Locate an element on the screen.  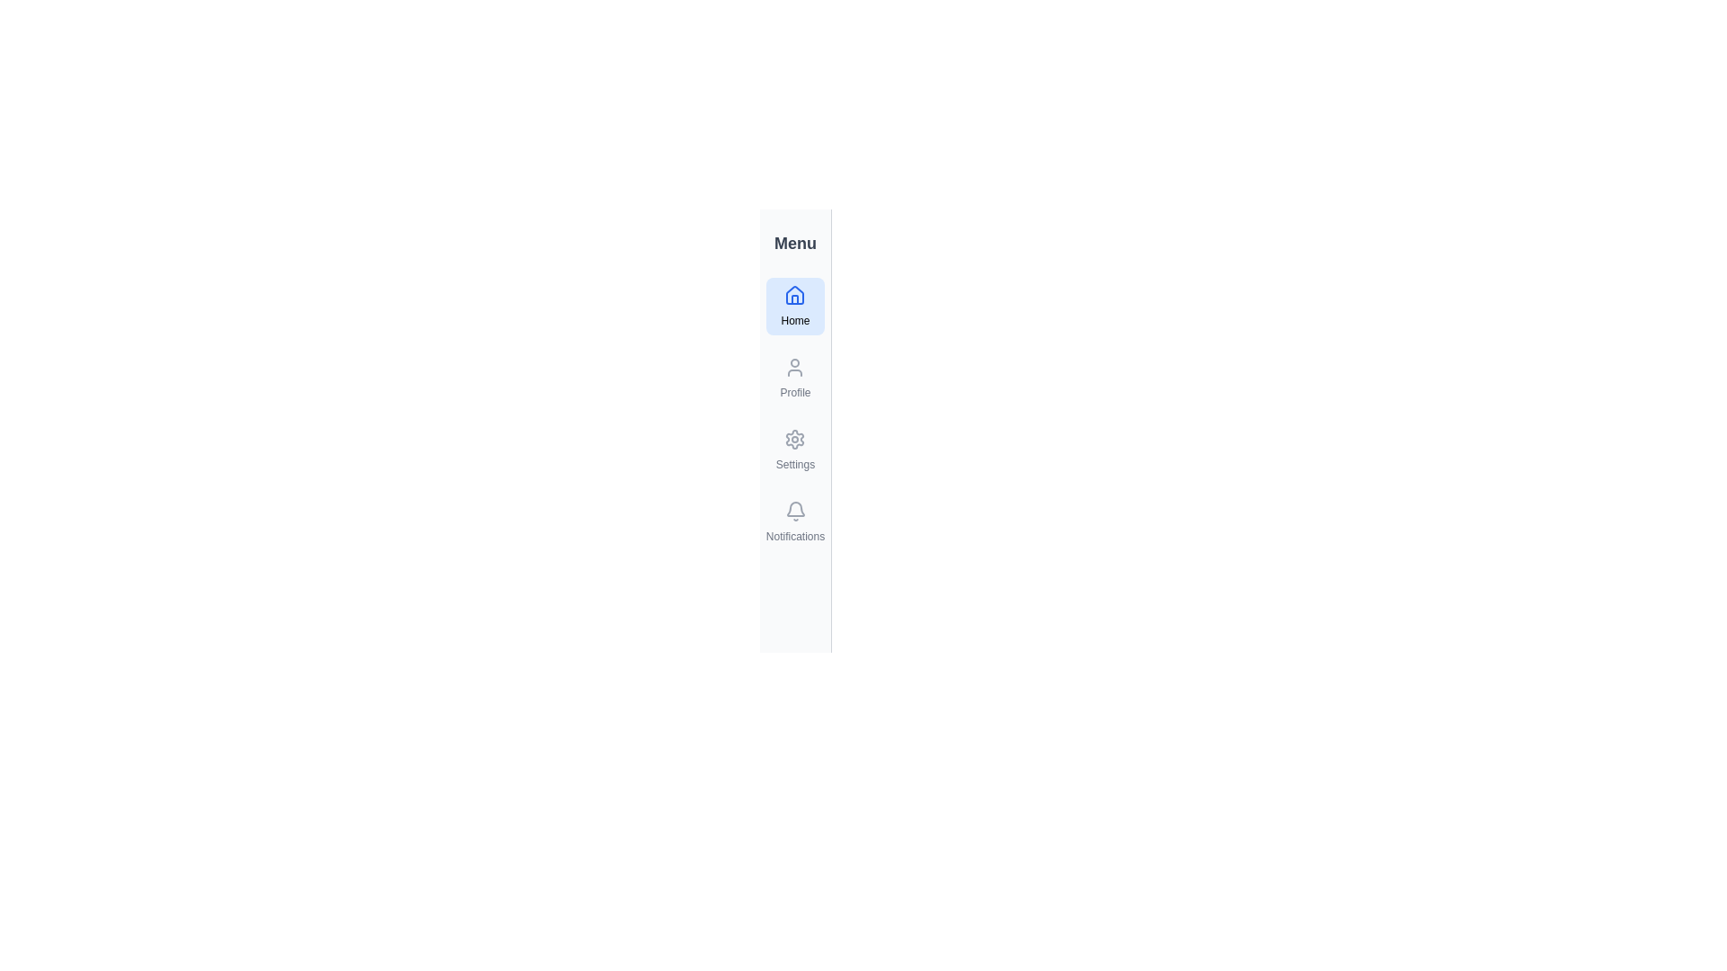
the 'Profile' button, which is a gray-colored icon of a user located beneath the 'Home' option and above the 'Settings' option in the vertical menu on the left side of the interface is located at coordinates (794, 377).